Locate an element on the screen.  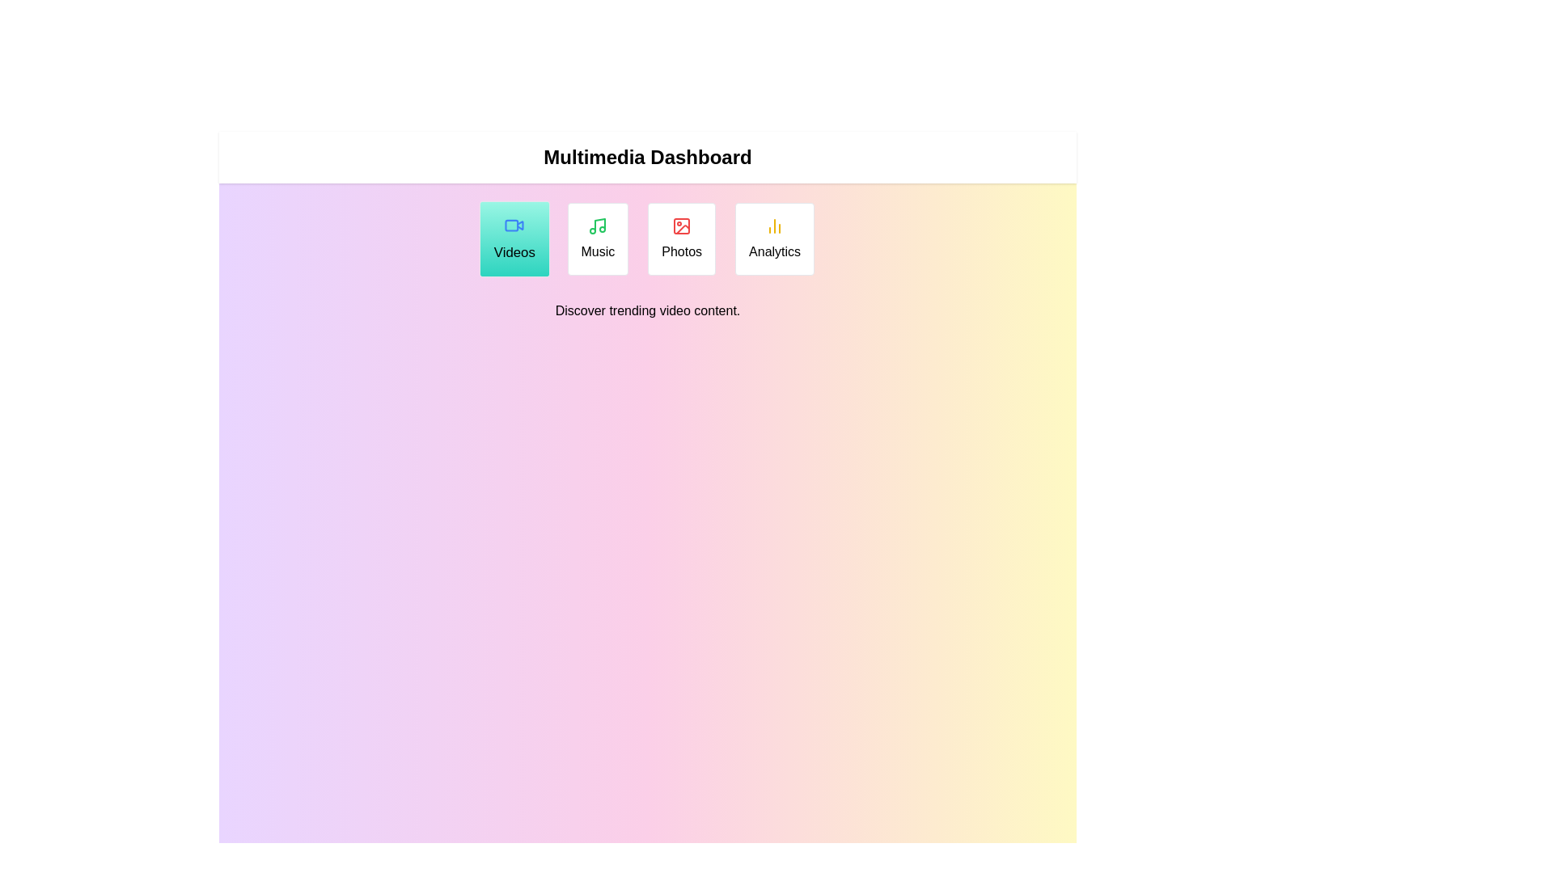
the Music tab to read its description is located at coordinates (597, 239).